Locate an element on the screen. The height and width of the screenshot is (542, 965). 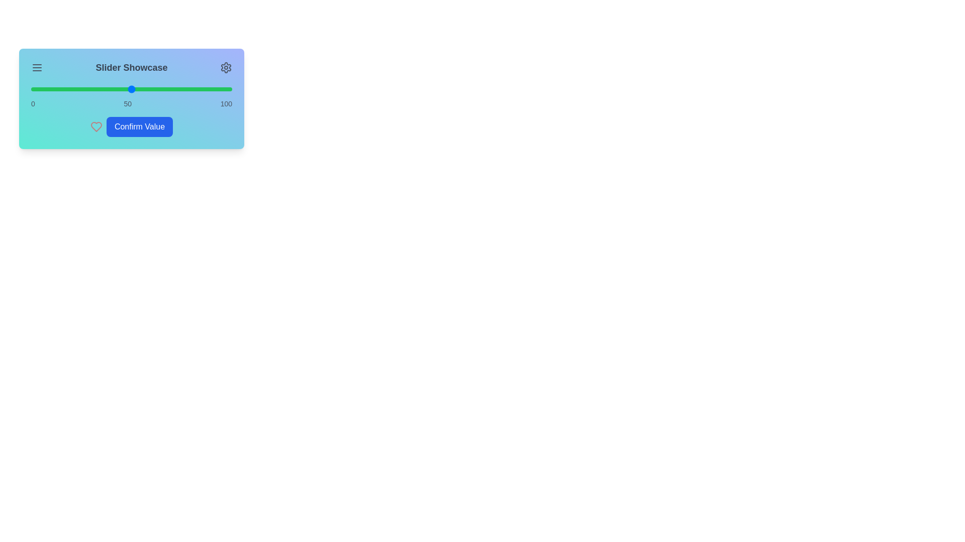
the slider to 60% is located at coordinates (151, 88).